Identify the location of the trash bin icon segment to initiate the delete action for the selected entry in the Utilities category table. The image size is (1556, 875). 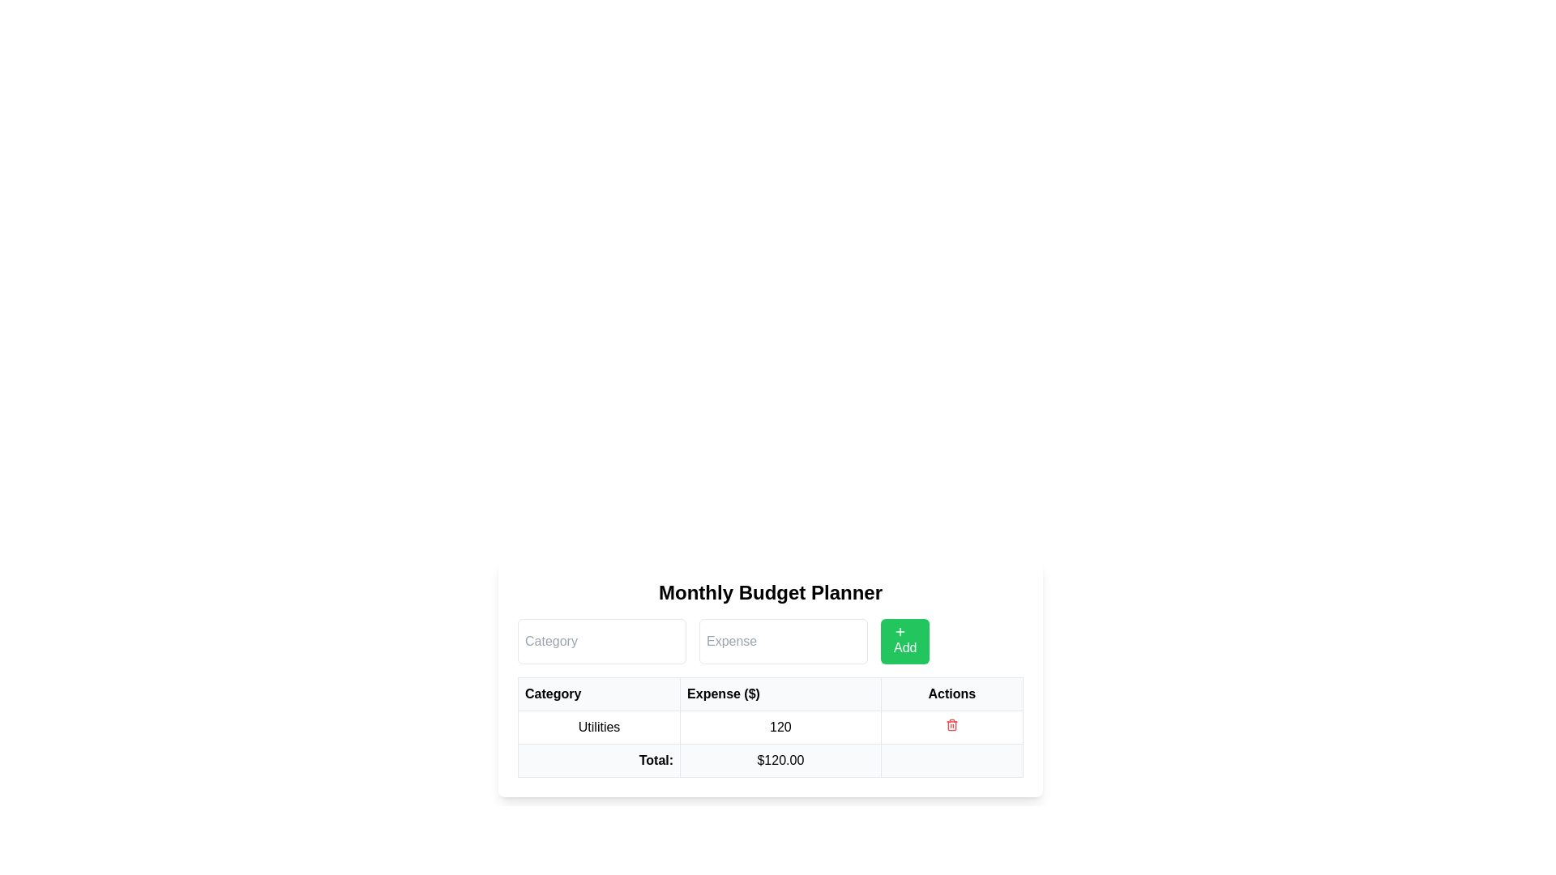
(951, 725).